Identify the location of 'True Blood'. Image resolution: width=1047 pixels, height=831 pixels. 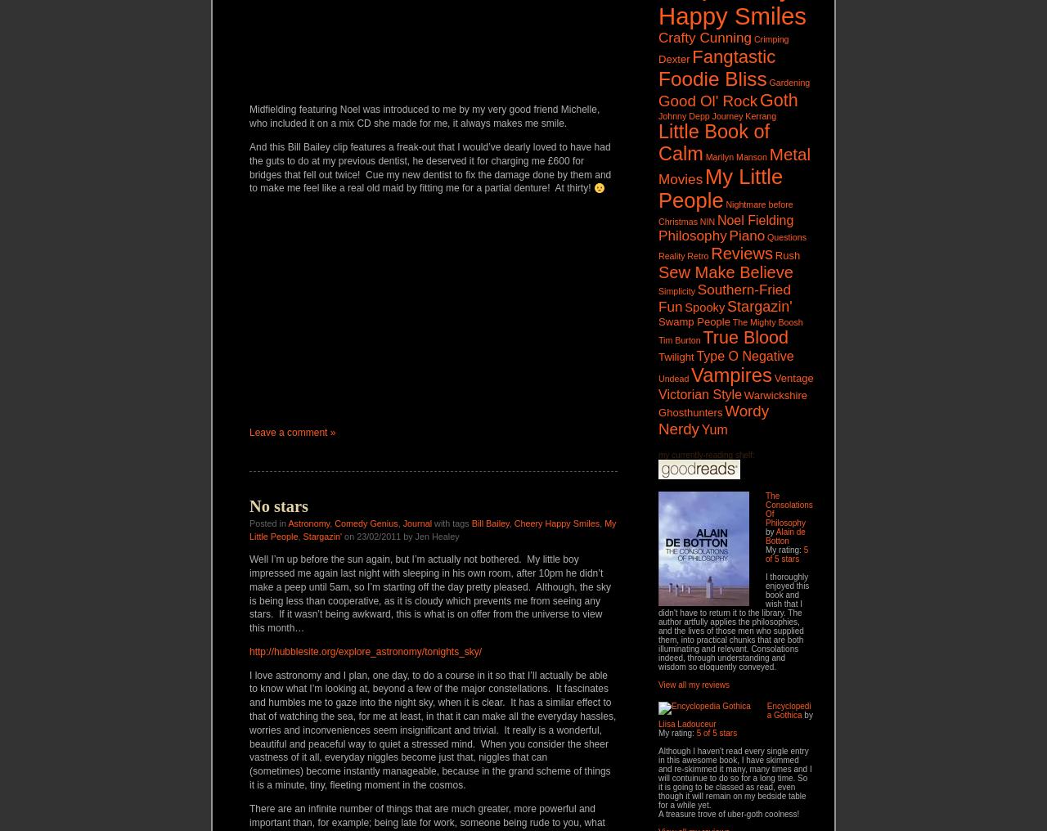
(744, 335).